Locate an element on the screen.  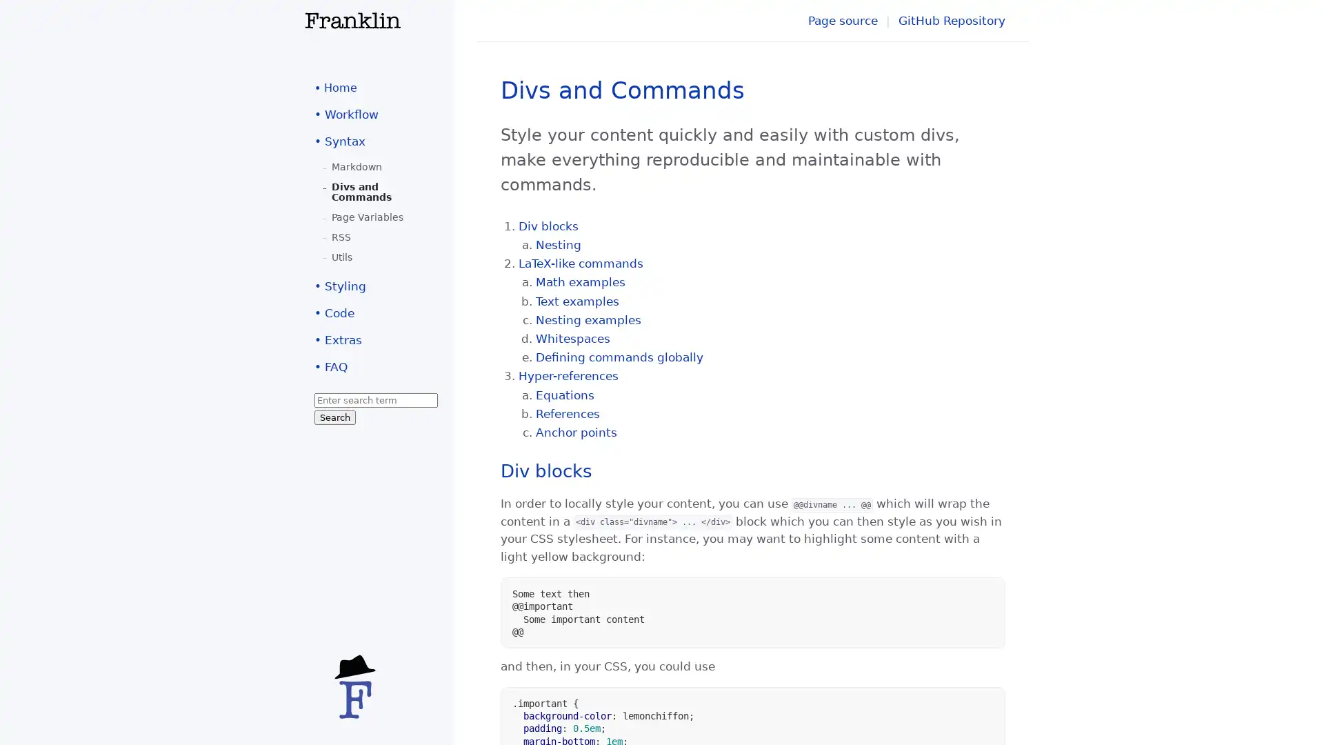
Search is located at coordinates (334, 417).